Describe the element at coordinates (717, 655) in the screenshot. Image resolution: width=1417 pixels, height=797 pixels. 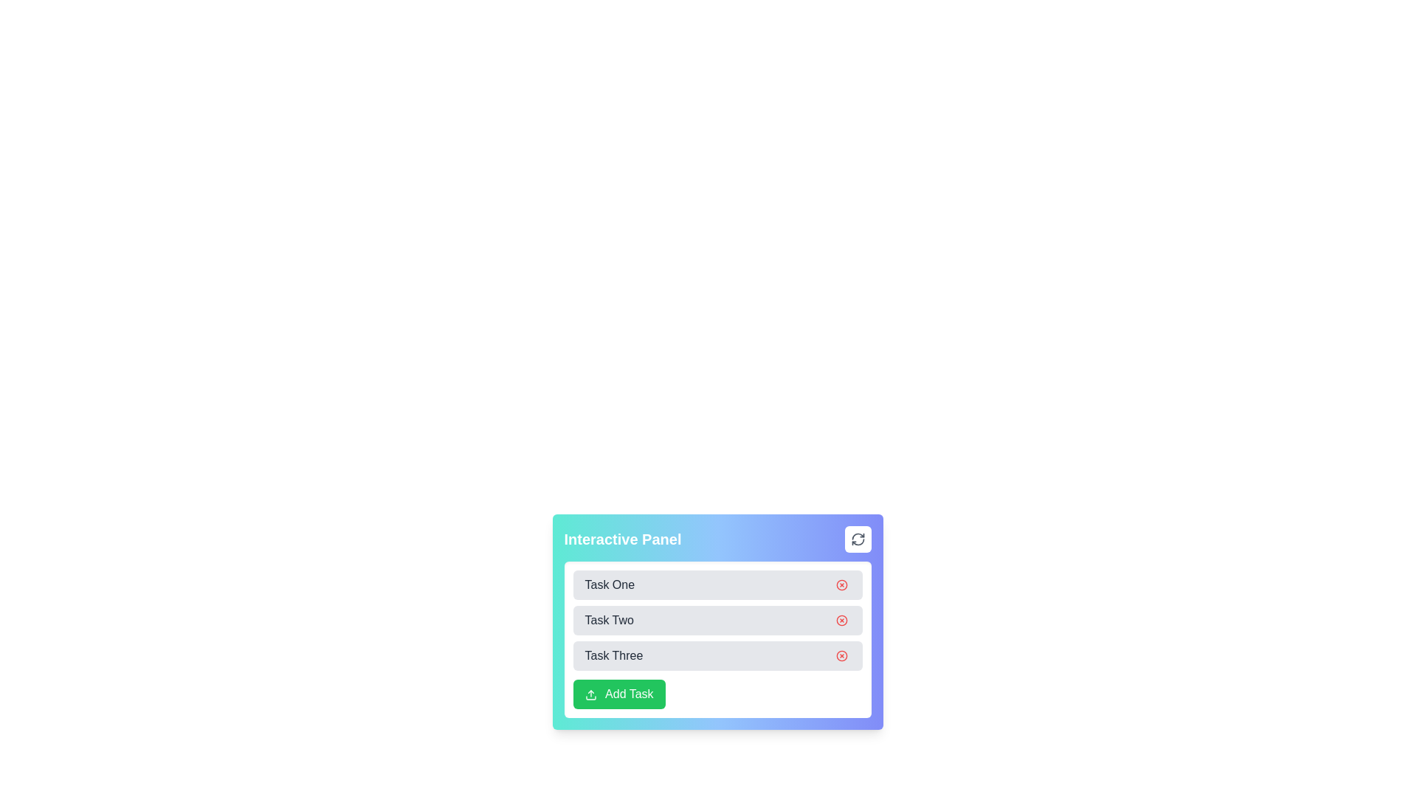
I see `the task entry labeled 'Task Three'` at that location.